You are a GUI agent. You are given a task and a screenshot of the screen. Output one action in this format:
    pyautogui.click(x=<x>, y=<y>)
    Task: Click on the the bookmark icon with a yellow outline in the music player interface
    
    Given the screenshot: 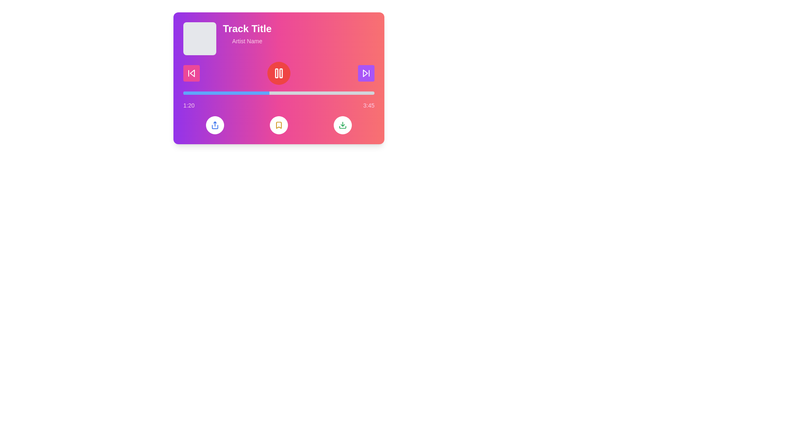 What is the action you would take?
    pyautogui.click(x=278, y=125)
    